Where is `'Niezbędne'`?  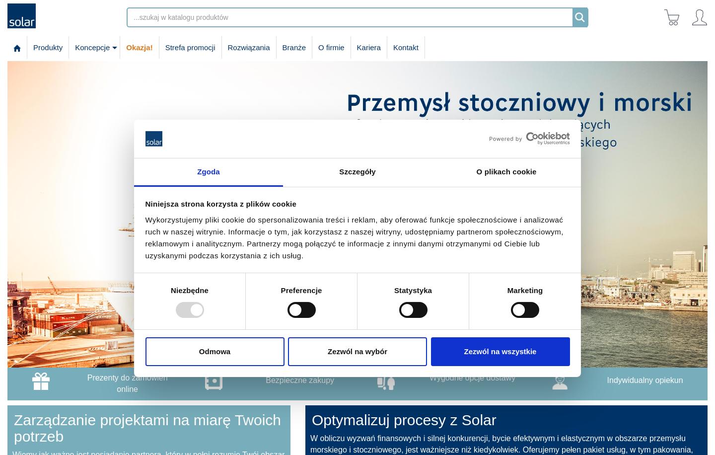
'Niezbędne' is located at coordinates (189, 290).